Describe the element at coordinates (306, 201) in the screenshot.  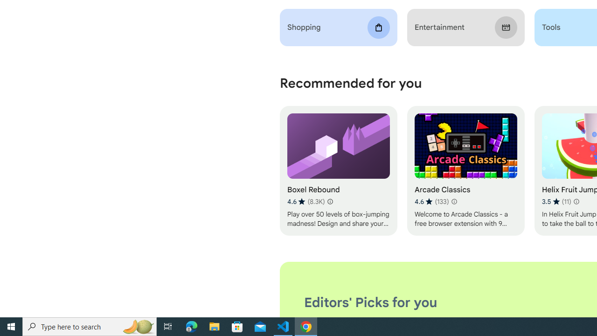
I see `'Average rating 4.6 out of 5 stars. 8.3K ratings.'` at that location.